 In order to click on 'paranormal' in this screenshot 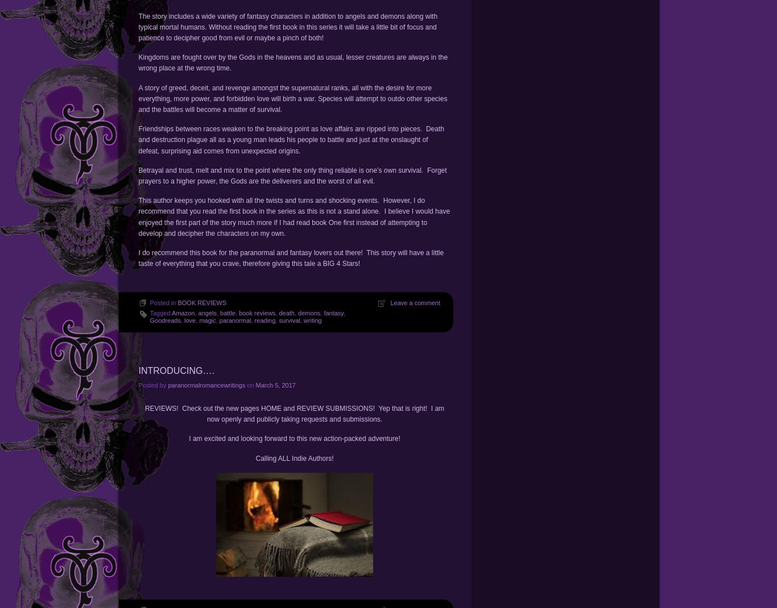, I will do `click(234, 319)`.